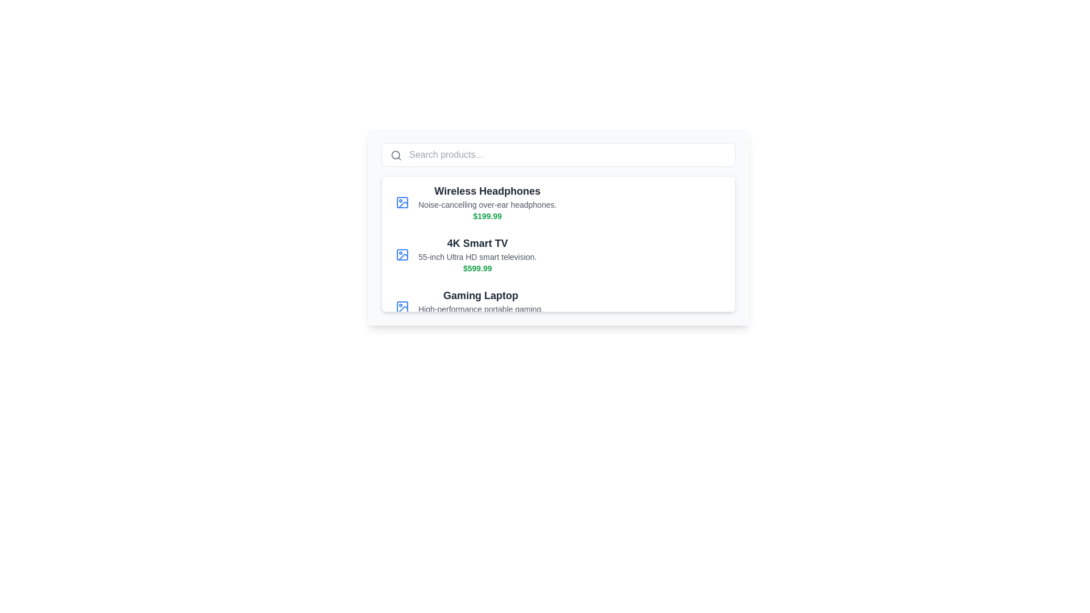  Describe the element at coordinates (477, 268) in the screenshot. I see `price text label displaying '$599.99' in a bold green font, located directly below the product description in the product listing` at that location.